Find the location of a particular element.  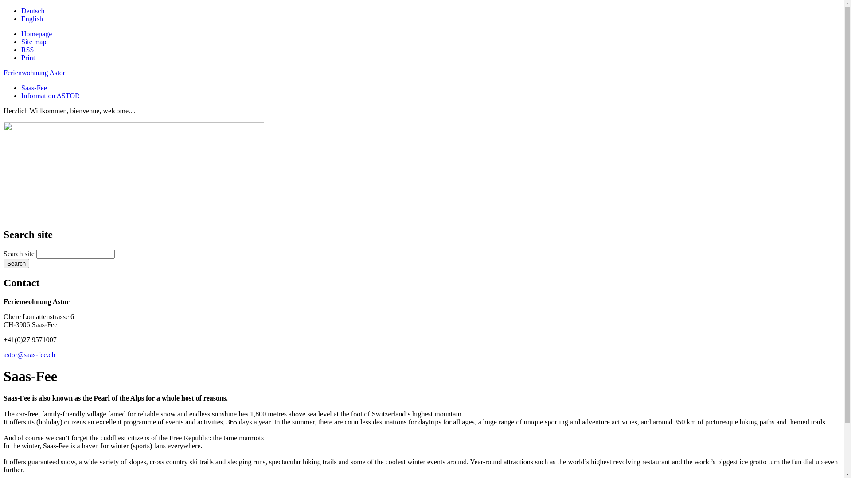

'English' is located at coordinates (21, 19).